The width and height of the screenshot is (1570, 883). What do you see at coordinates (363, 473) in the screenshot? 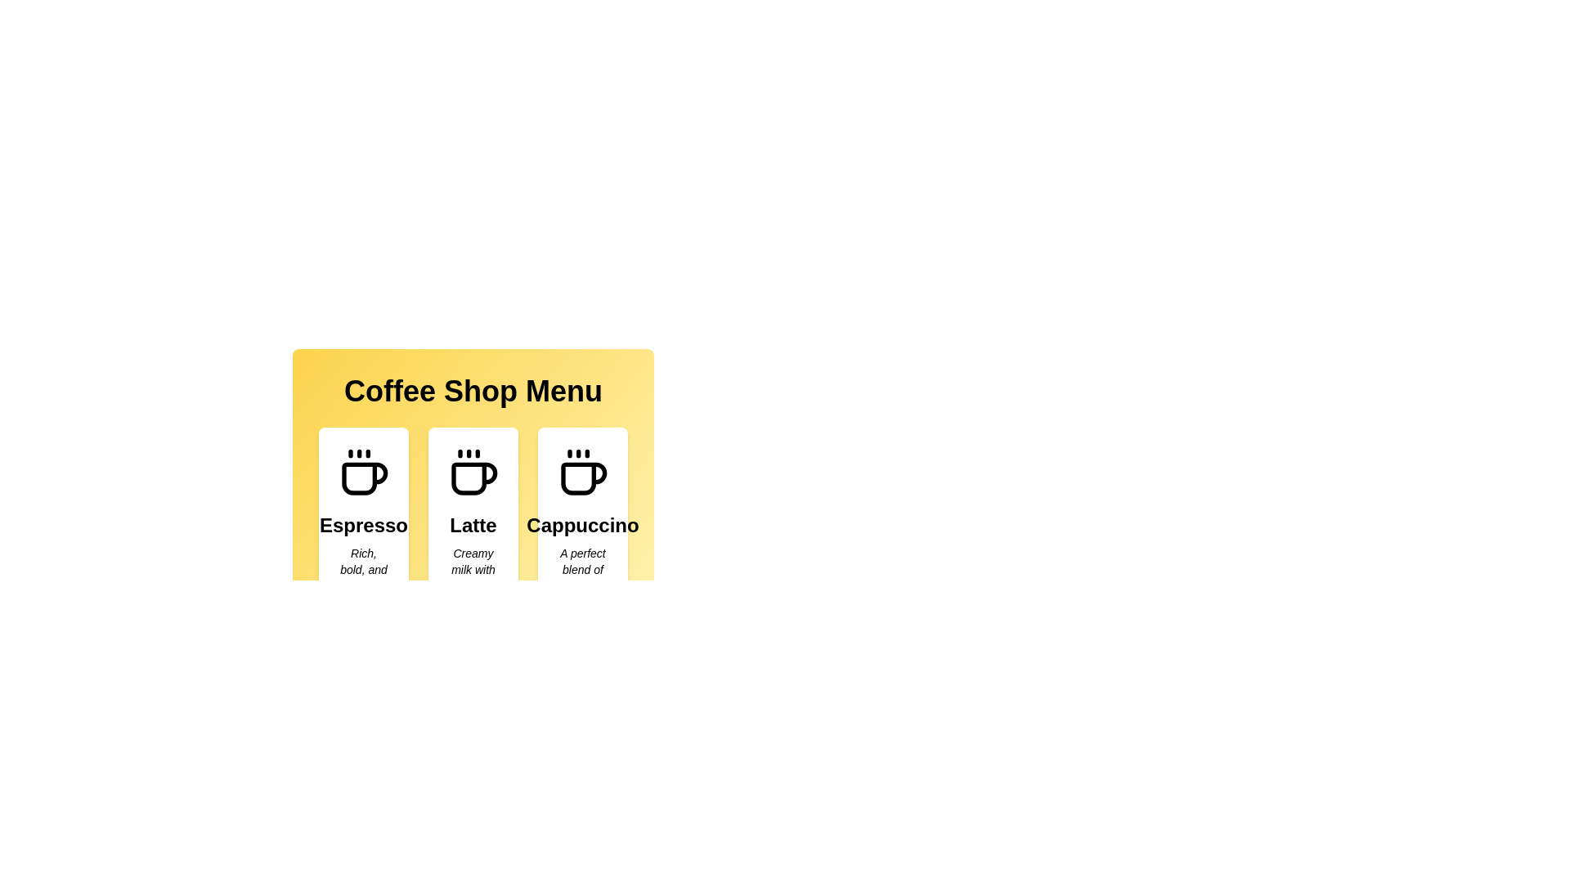
I see `the coffee icon associated with the menu item Espresso` at bounding box center [363, 473].